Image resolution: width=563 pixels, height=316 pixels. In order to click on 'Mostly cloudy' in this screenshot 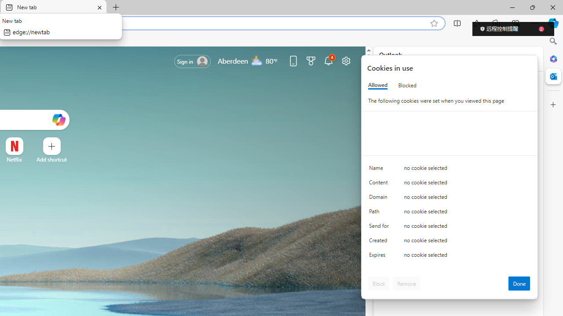, I will do `click(256, 60)`.